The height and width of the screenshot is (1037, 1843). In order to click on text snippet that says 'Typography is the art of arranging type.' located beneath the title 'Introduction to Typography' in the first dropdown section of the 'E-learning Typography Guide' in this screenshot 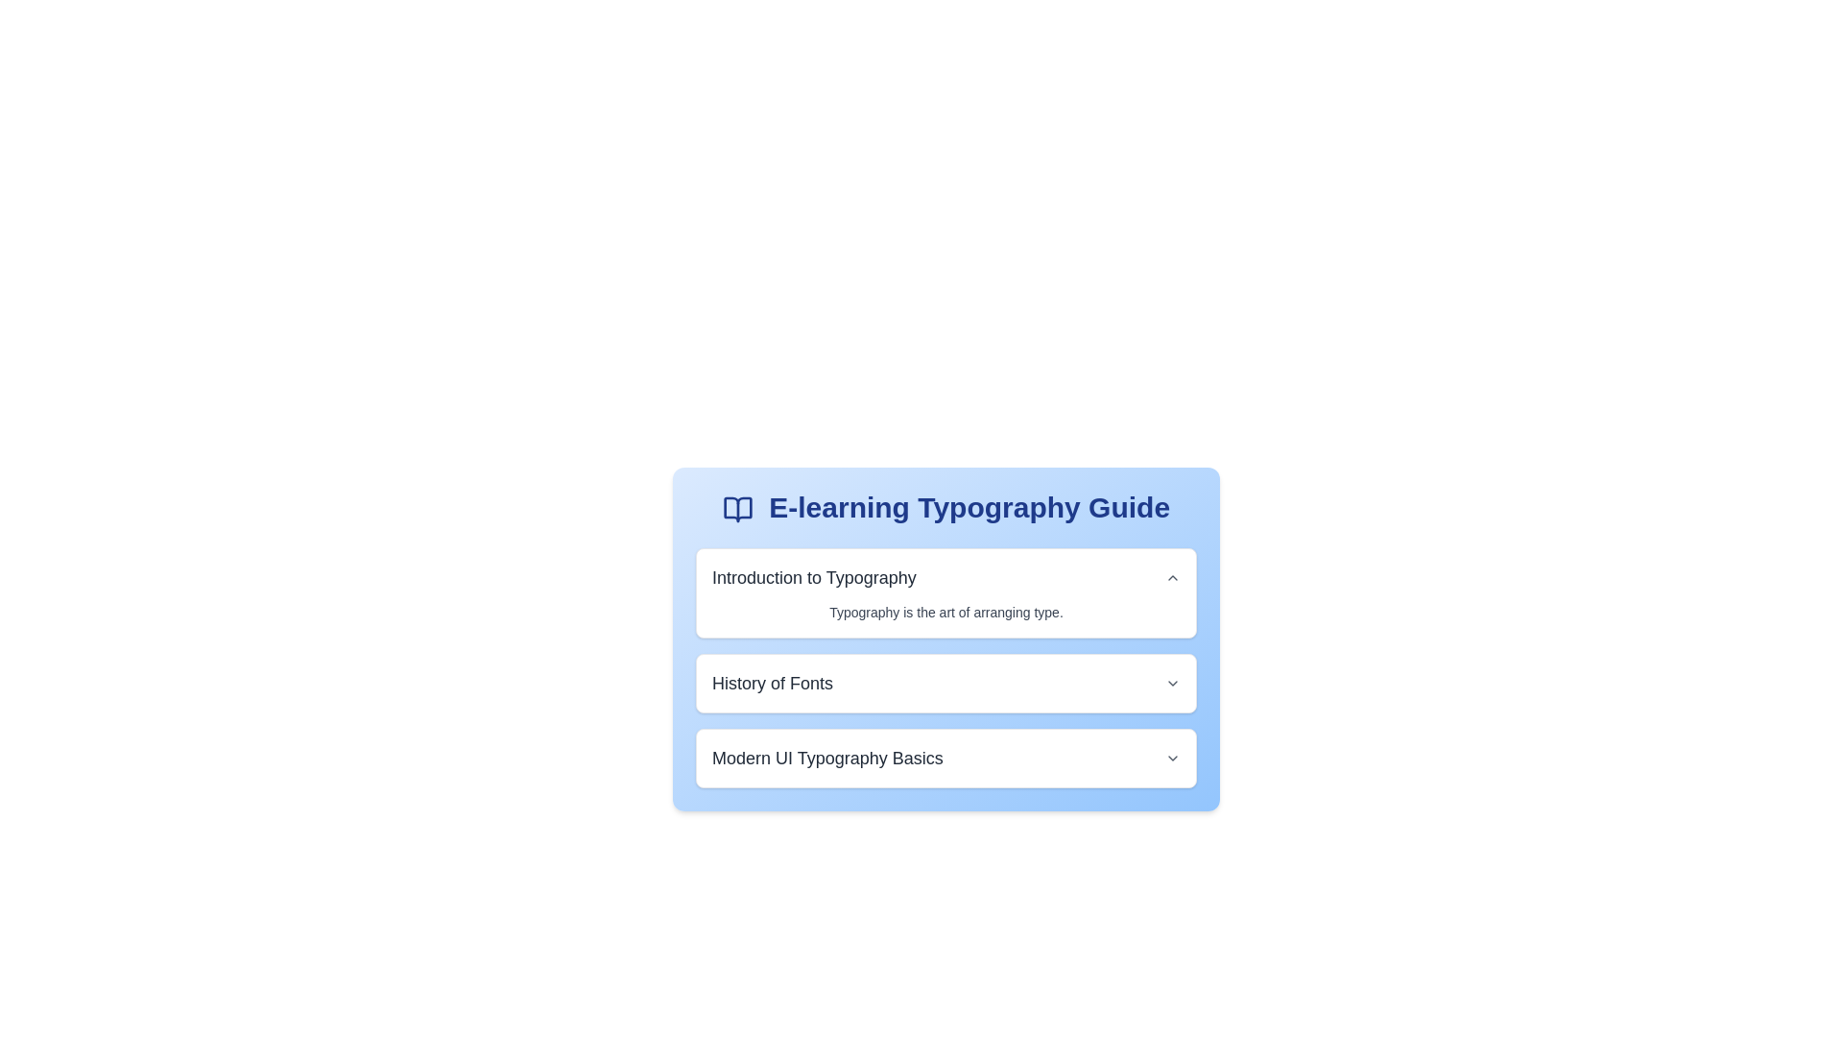, I will do `click(945, 612)`.